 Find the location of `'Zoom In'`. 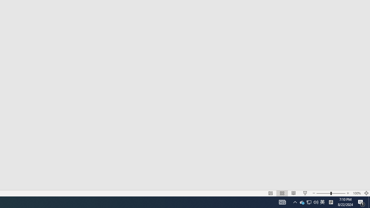

'Zoom In' is located at coordinates (348, 193).